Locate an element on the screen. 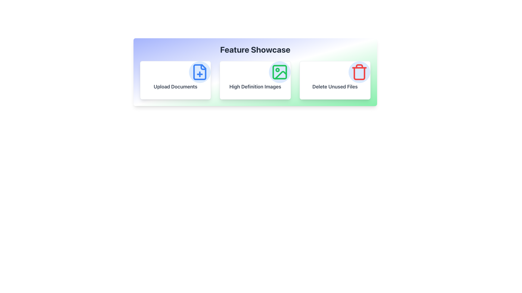  the circular blue icon with a file symbol and plus sign located in the top-right corner of the 'Upload Documents' card is located at coordinates (200, 72).